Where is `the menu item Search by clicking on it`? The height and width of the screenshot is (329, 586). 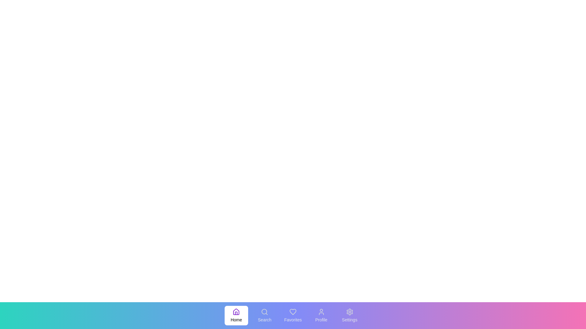
the menu item Search by clicking on it is located at coordinates (265, 315).